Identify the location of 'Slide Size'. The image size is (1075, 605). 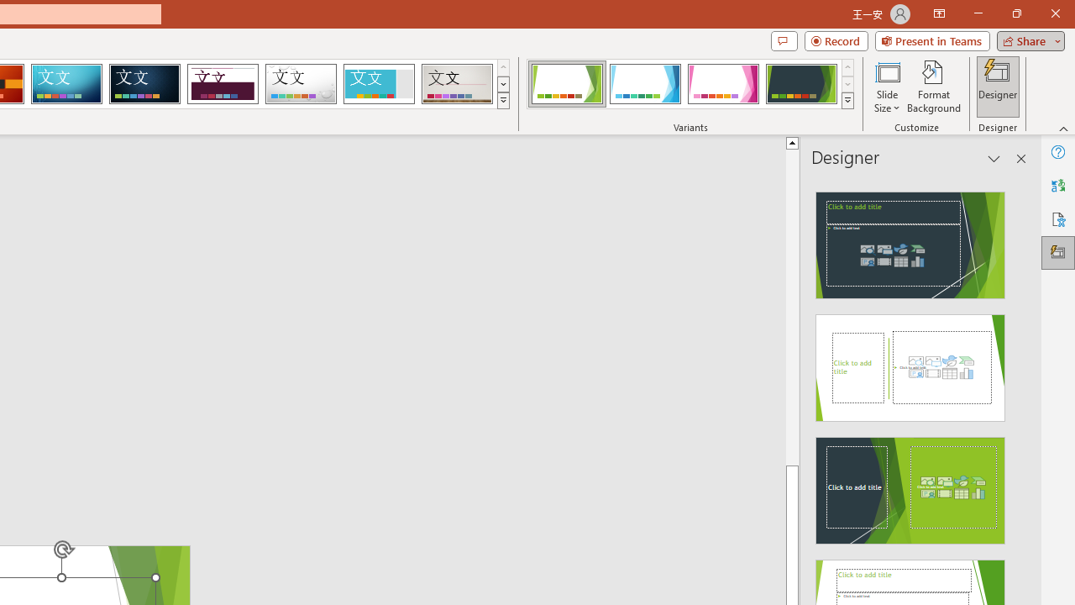
(886, 87).